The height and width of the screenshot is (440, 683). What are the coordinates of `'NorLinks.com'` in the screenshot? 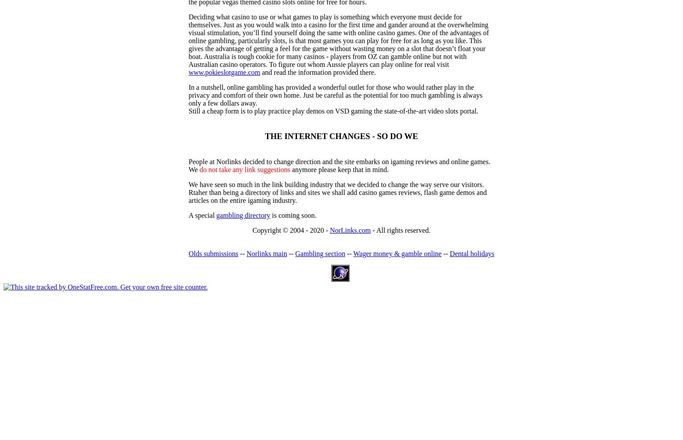 It's located at (349, 230).